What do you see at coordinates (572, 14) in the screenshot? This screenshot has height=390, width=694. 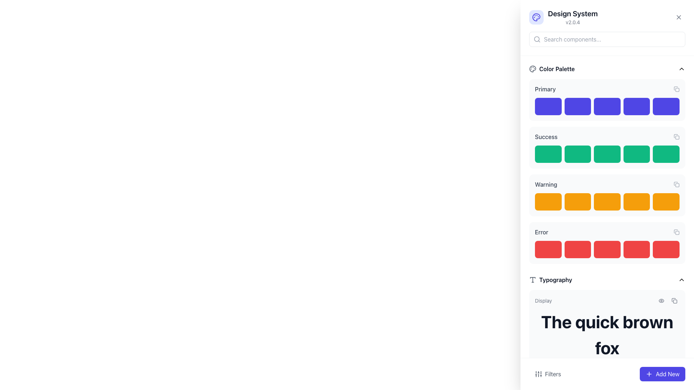 I see `text content of the header element displaying 'Design System' in bold, large font near the top-center of the right-hand side panel` at bounding box center [572, 14].